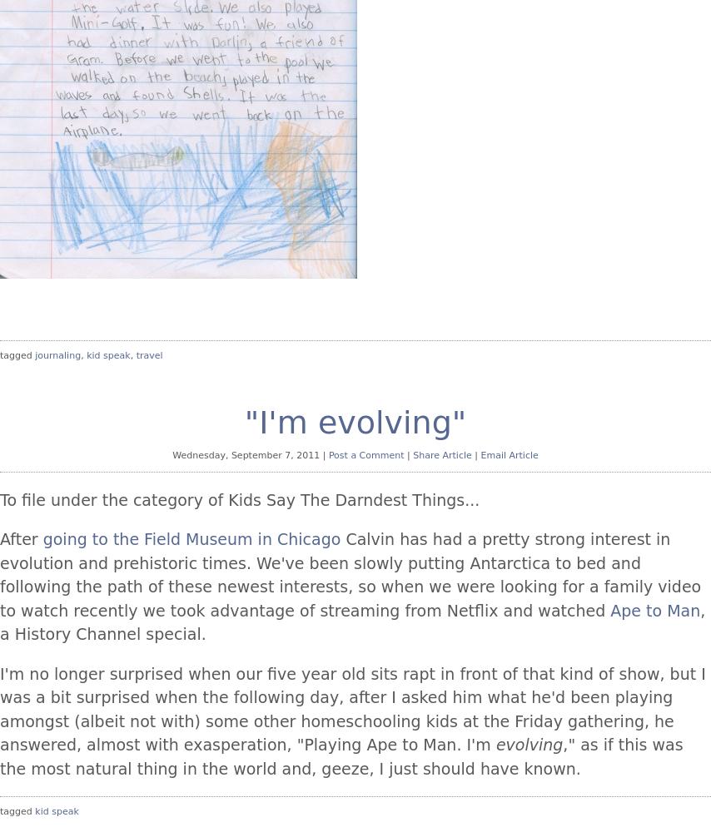 The image size is (711, 827). Describe the element at coordinates (172, 454) in the screenshot. I see `'Wednesday, September 7, 2011'` at that location.